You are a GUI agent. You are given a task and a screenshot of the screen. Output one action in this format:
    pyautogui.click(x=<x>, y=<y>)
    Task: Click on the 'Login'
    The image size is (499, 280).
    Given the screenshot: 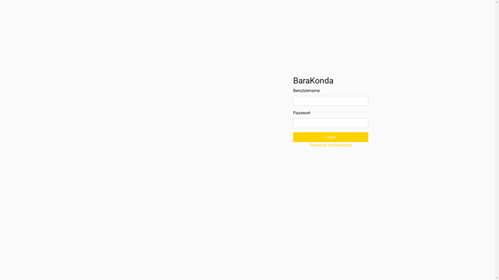 What is the action you would take?
    pyautogui.click(x=330, y=137)
    